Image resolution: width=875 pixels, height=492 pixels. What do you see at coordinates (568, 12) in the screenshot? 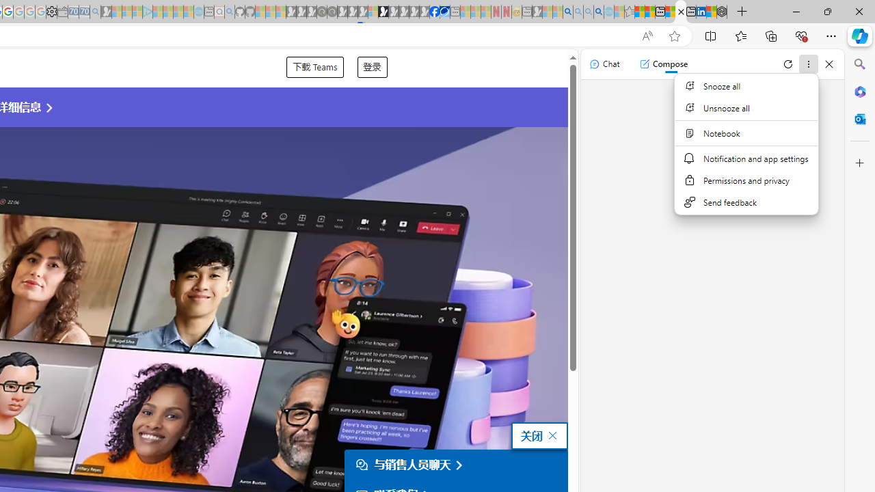
I see `'Bing AI - Search'` at bounding box center [568, 12].